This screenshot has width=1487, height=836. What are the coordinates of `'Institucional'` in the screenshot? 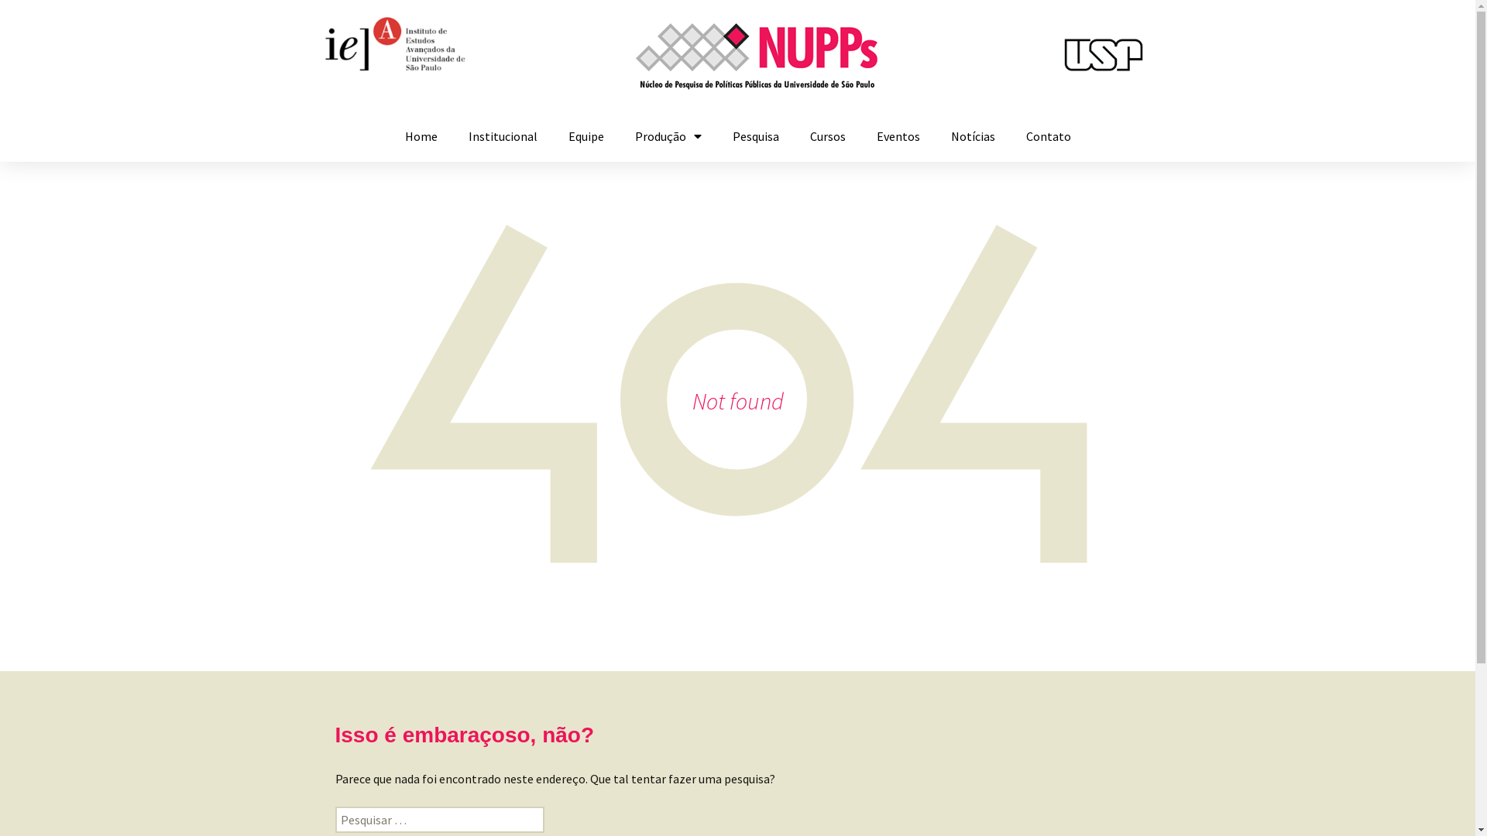 It's located at (502, 135).